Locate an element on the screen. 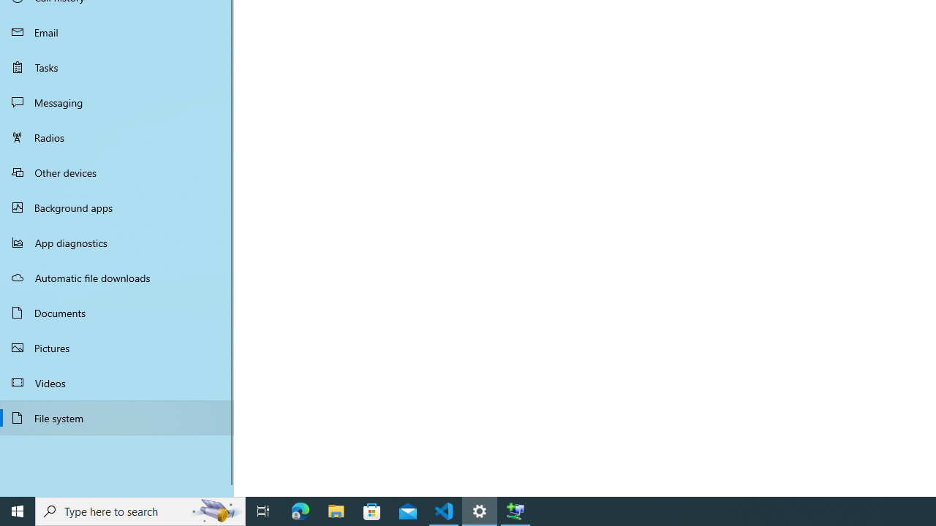  'Videos' is located at coordinates (117, 381).